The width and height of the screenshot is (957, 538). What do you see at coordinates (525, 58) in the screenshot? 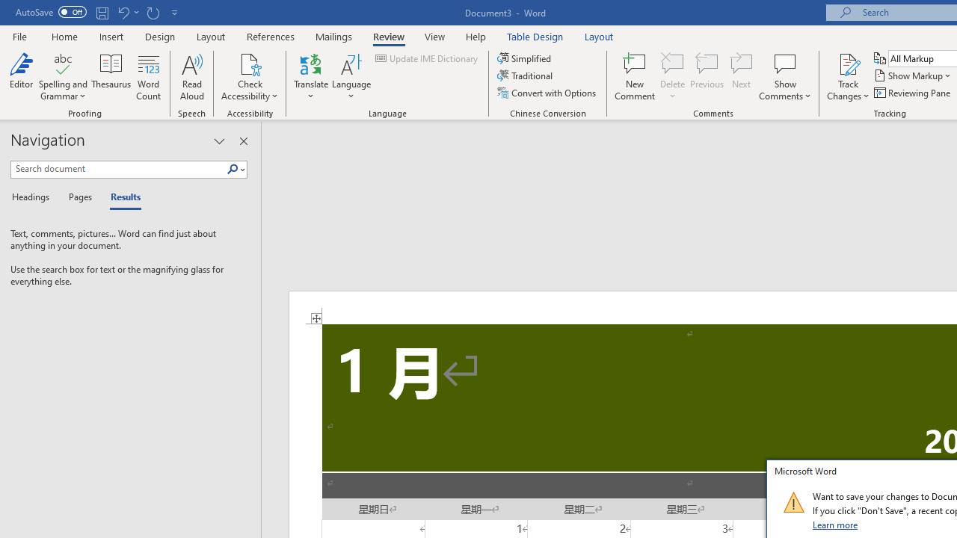
I see `'Simplified'` at bounding box center [525, 58].